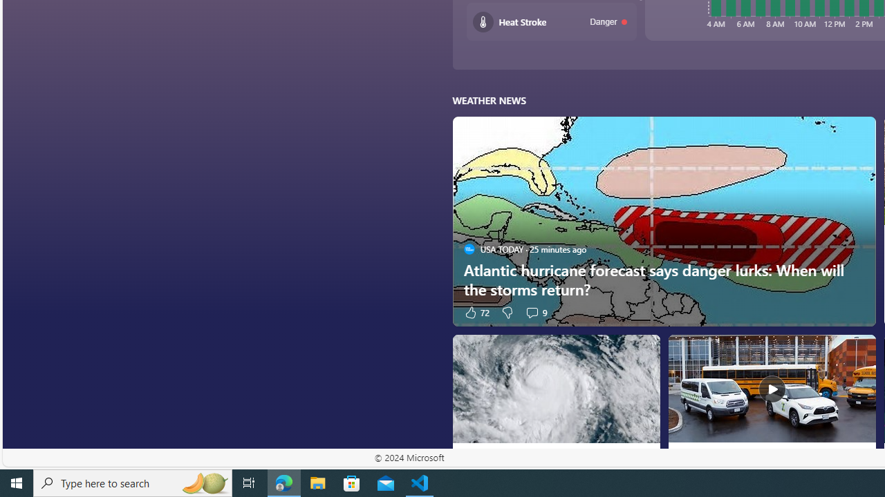  Describe the element at coordinates (535, 312) in the screenshot. I see `'View comments 9 Comment'` at that location.